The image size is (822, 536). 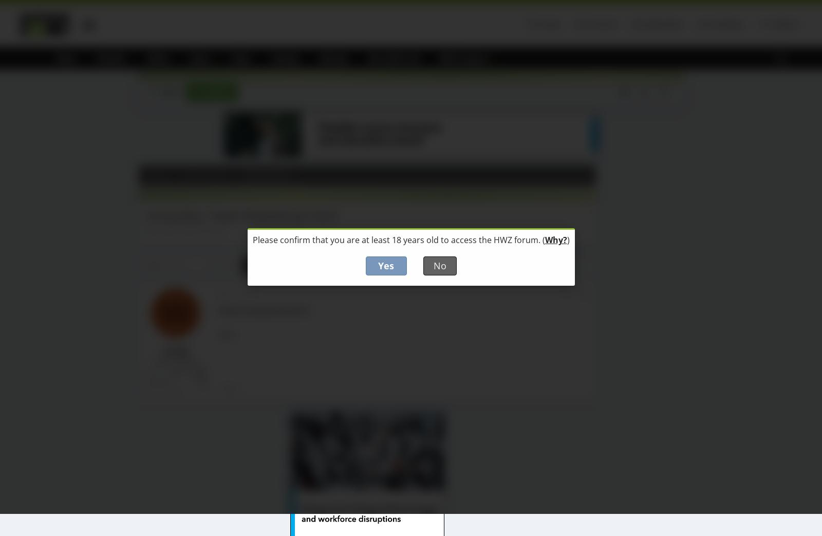 What do you see at coordinates (333, 58) in the screenshot?
I see `'Lifestyle'` at bounding box center [333, 58].